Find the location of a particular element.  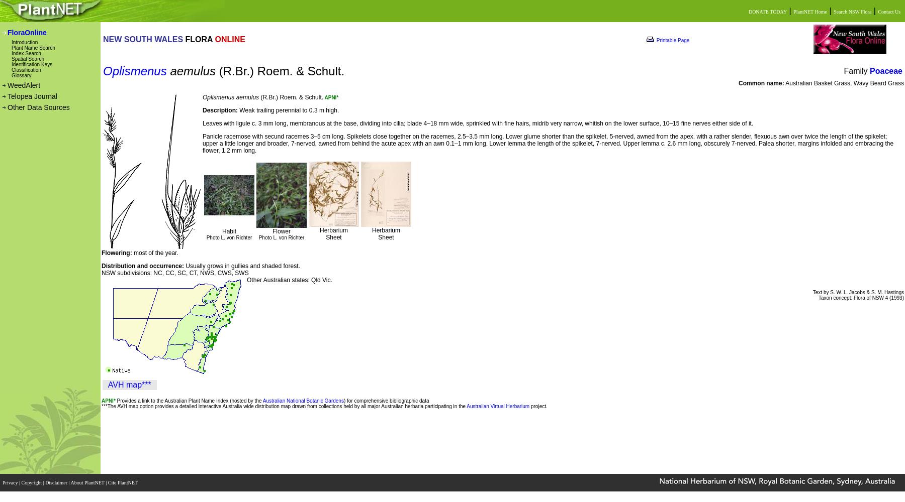

'PlantNET Home' is located at coordinates (809, 12).